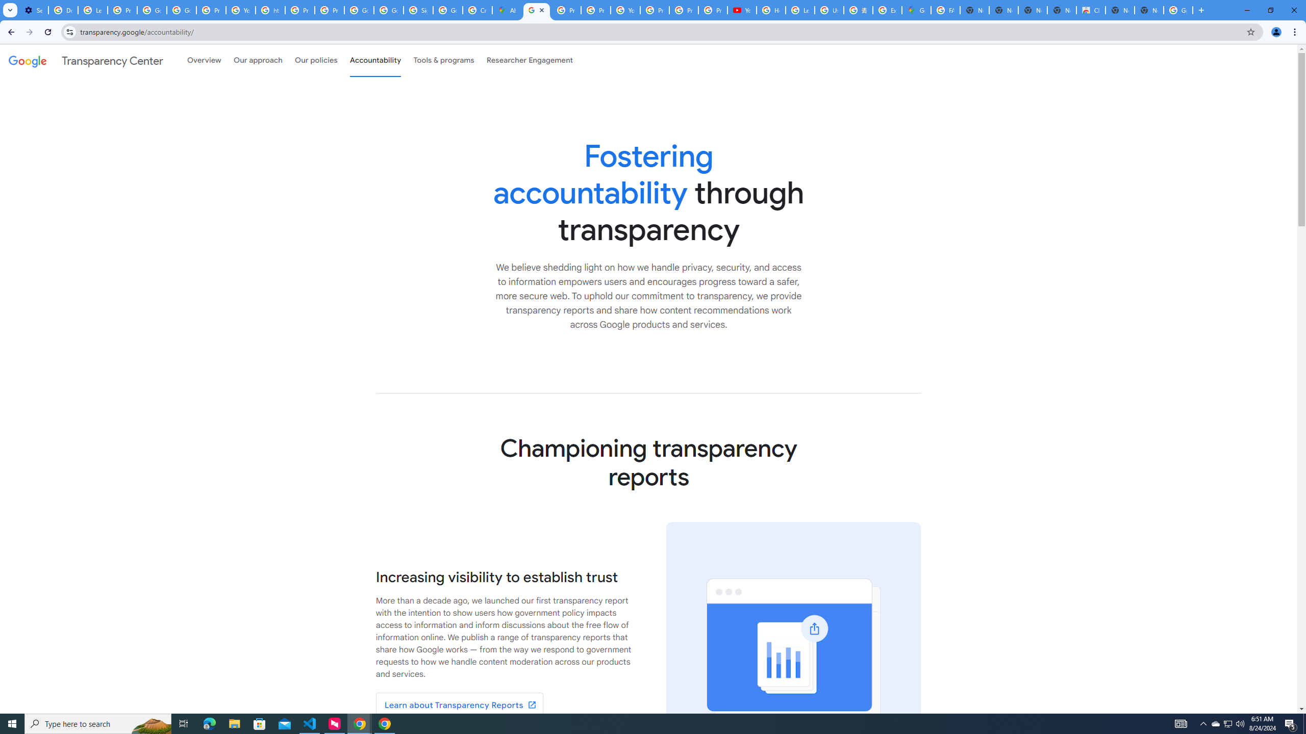 The width and height of the screenshot is (1306, 734). I want to click on 'Our policies', so click(316, 60).